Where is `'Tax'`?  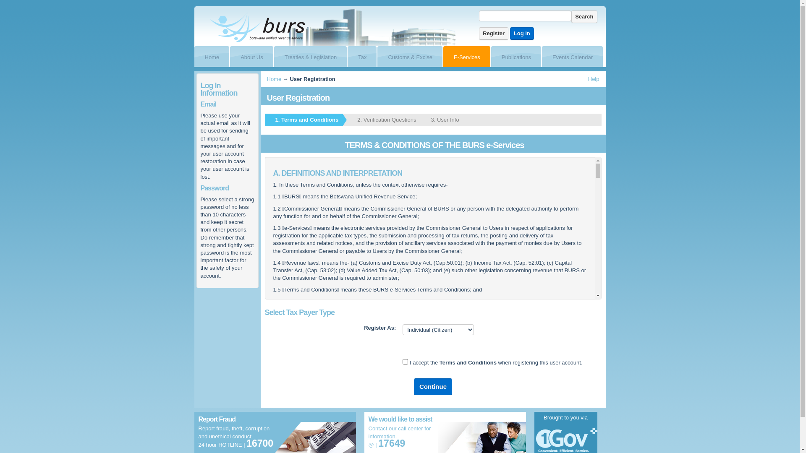 'Tax' is located at coordinates (358, 57).